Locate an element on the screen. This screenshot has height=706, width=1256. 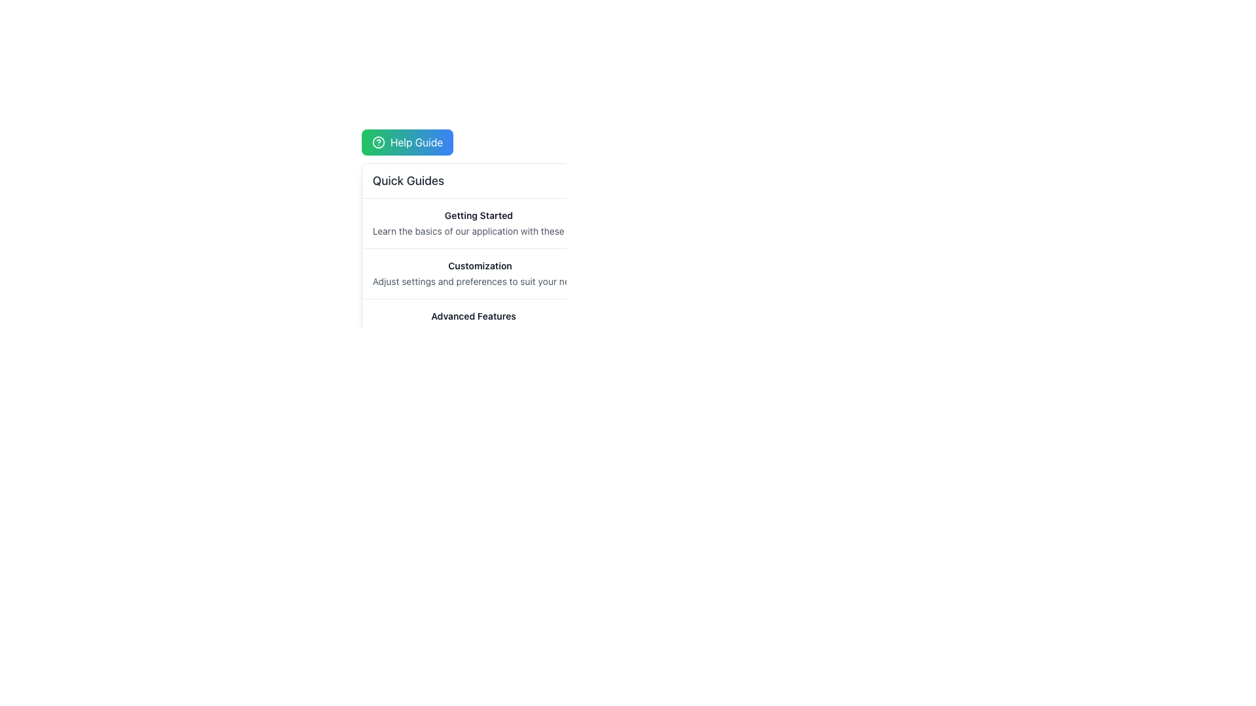
the second informational item in the list under the 'Quick Guides' section, which provides guidance on customization options is located at coordinates (486, 273).